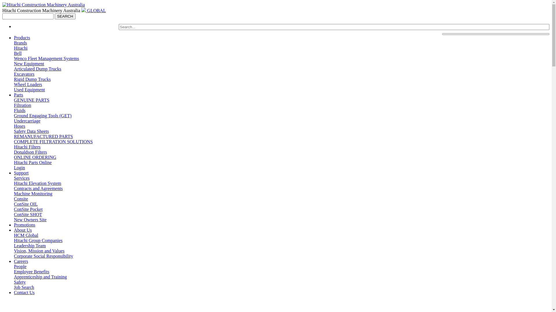 Image resolution: width=556 pixels, height=312 pixels. Describe the element at coordinates (18, 94) in the screenshot. I see `'Parts'` at that location.